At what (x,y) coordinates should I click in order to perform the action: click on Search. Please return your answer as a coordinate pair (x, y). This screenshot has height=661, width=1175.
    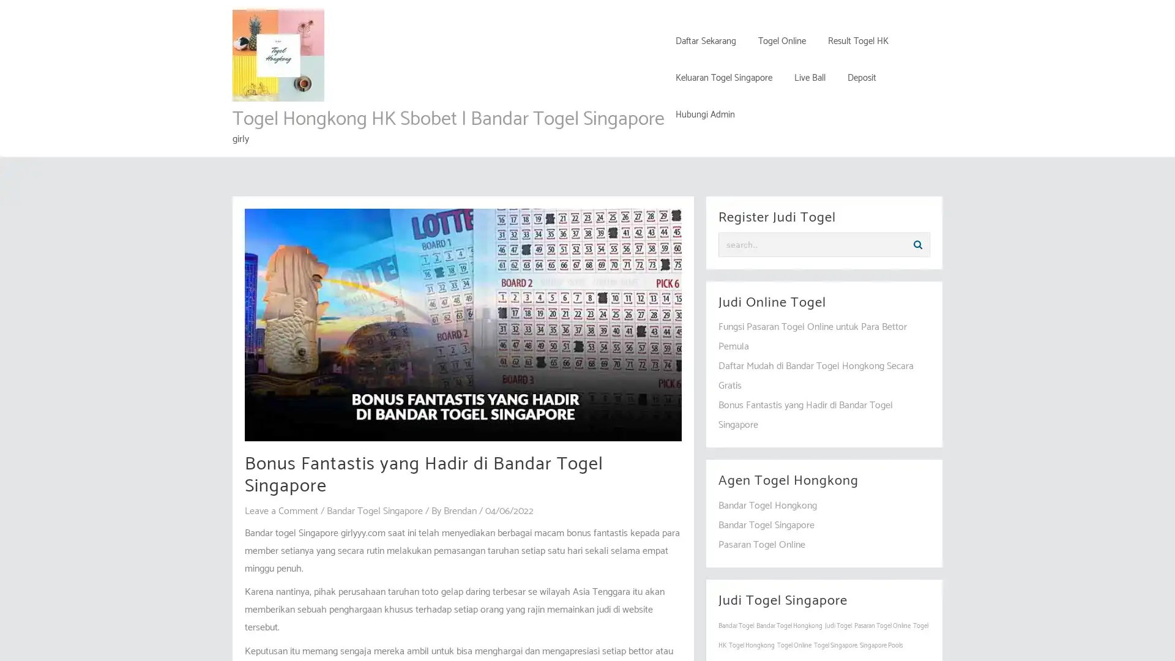
    Looking at the image, I should click on (917, 245).